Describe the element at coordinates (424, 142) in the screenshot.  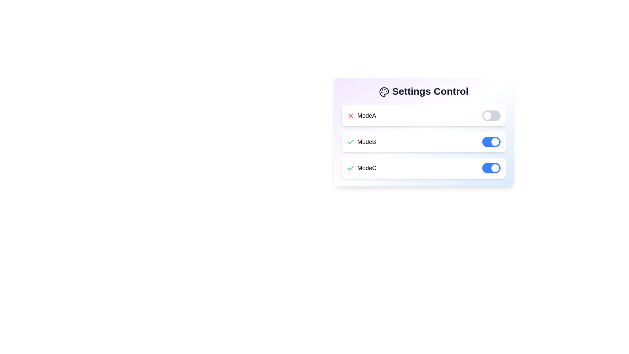
I see `the selectable mode item labeled 'ModeB'` at that location.